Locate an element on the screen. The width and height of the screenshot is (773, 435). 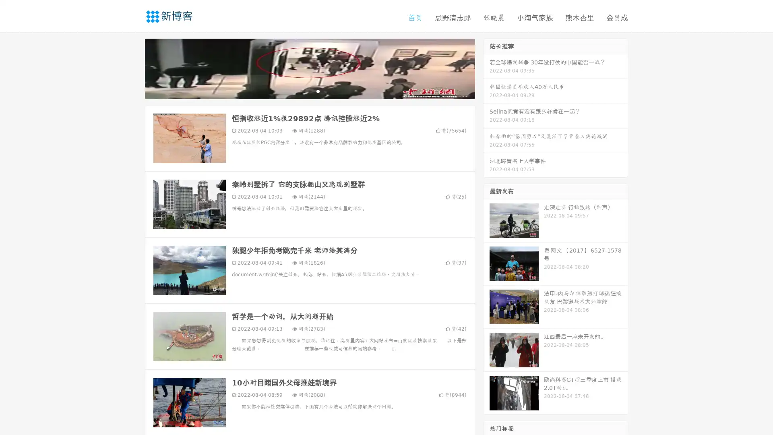
Go to slide 1 is located at coordinates (301, 91).